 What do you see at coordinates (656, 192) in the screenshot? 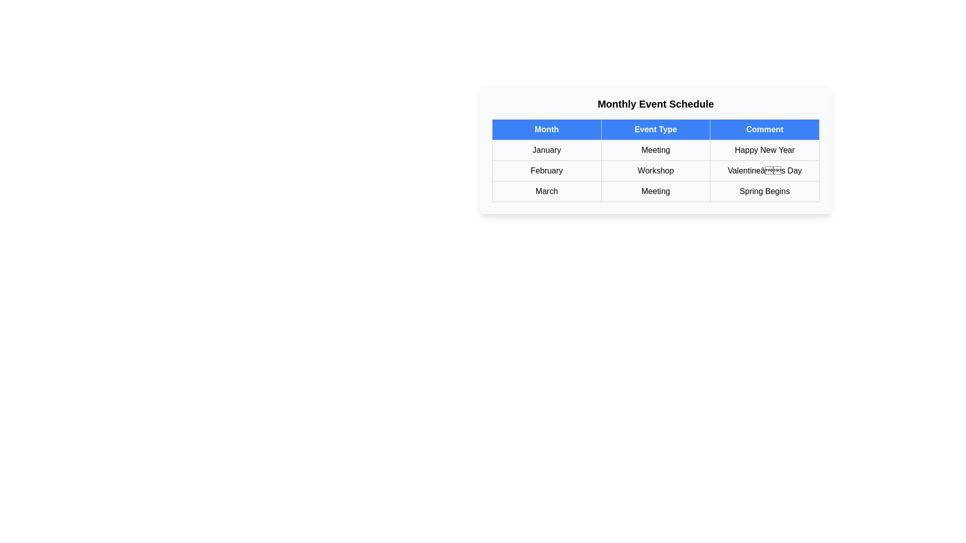
I see `the row corresponding to March` at bounding box center [656, 192].